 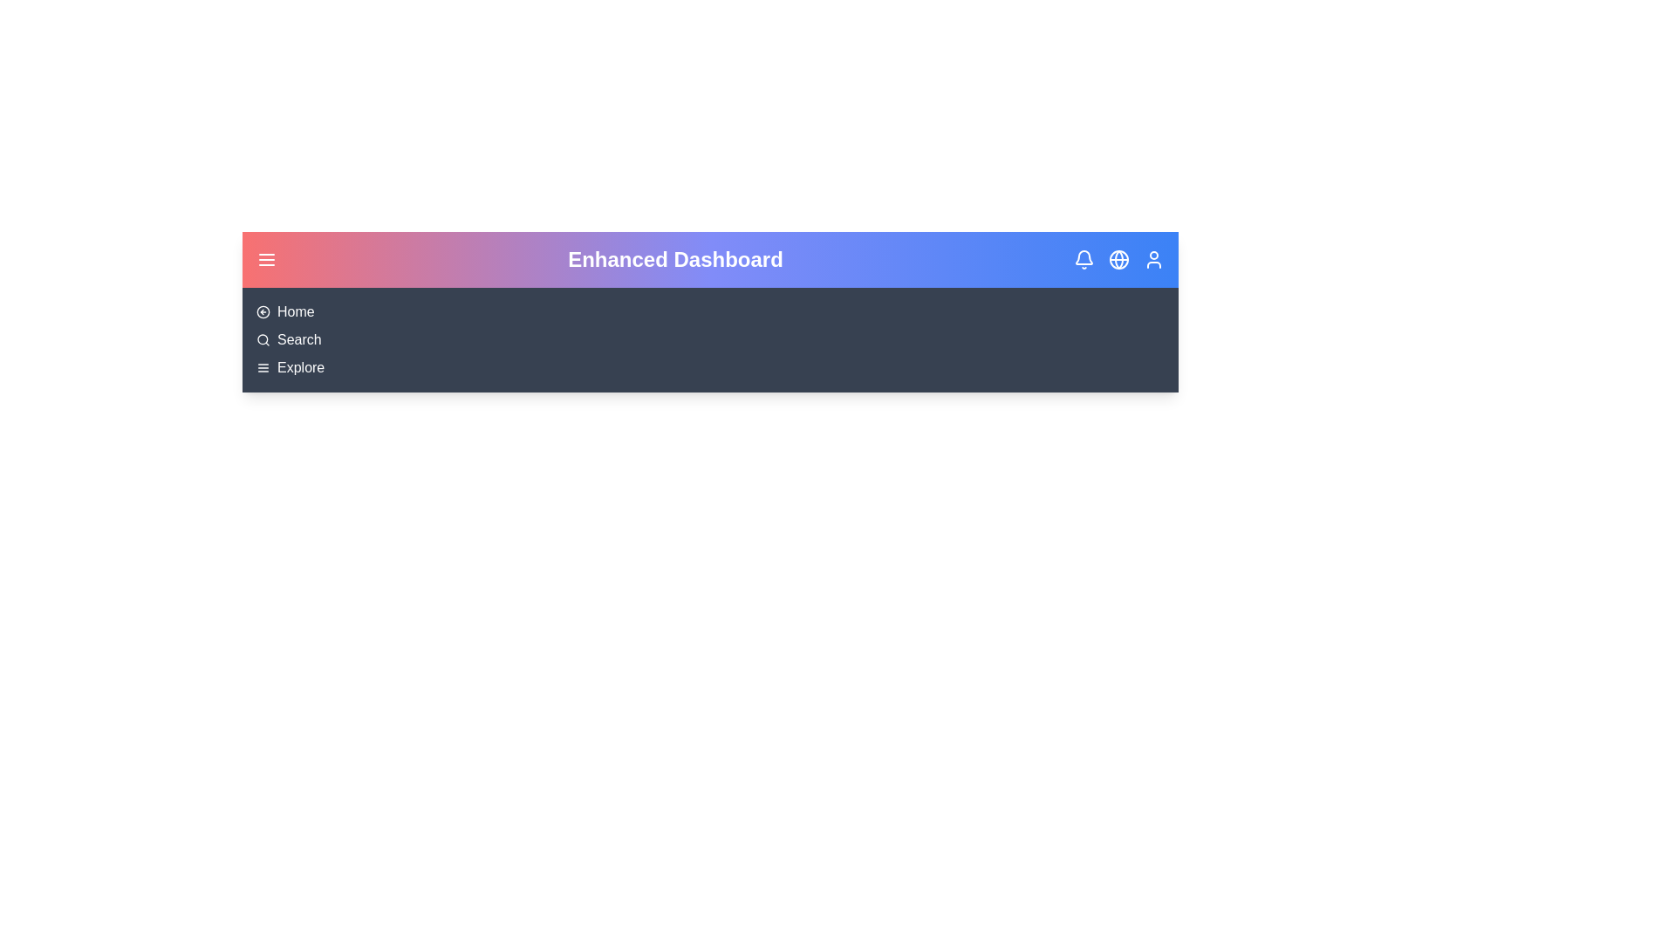 What do you see at coordinates (1118, 259) in the screenshot?
I see `the globe element` at bounding box center [1118, 259].